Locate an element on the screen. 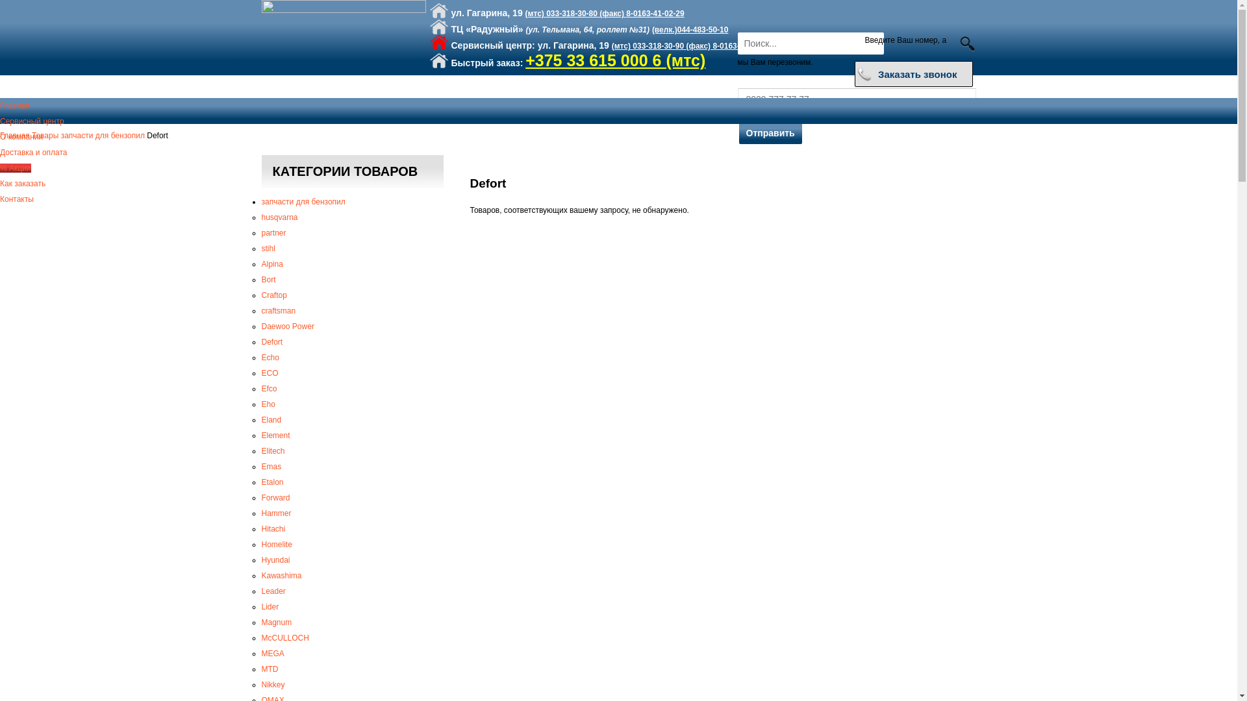 The width and height of the screenshot is (1247, 701). 'Efco' is located at coordinates (268, 387).